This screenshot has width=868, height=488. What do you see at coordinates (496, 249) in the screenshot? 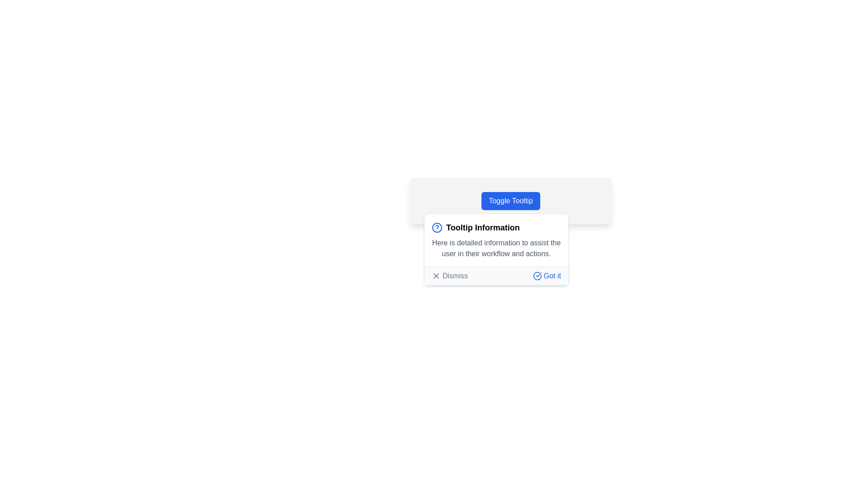
I see `descriptive text block located directly below the 'Tooltip Information' heading in the tooltip UI component` at bounding box center [496, 249].